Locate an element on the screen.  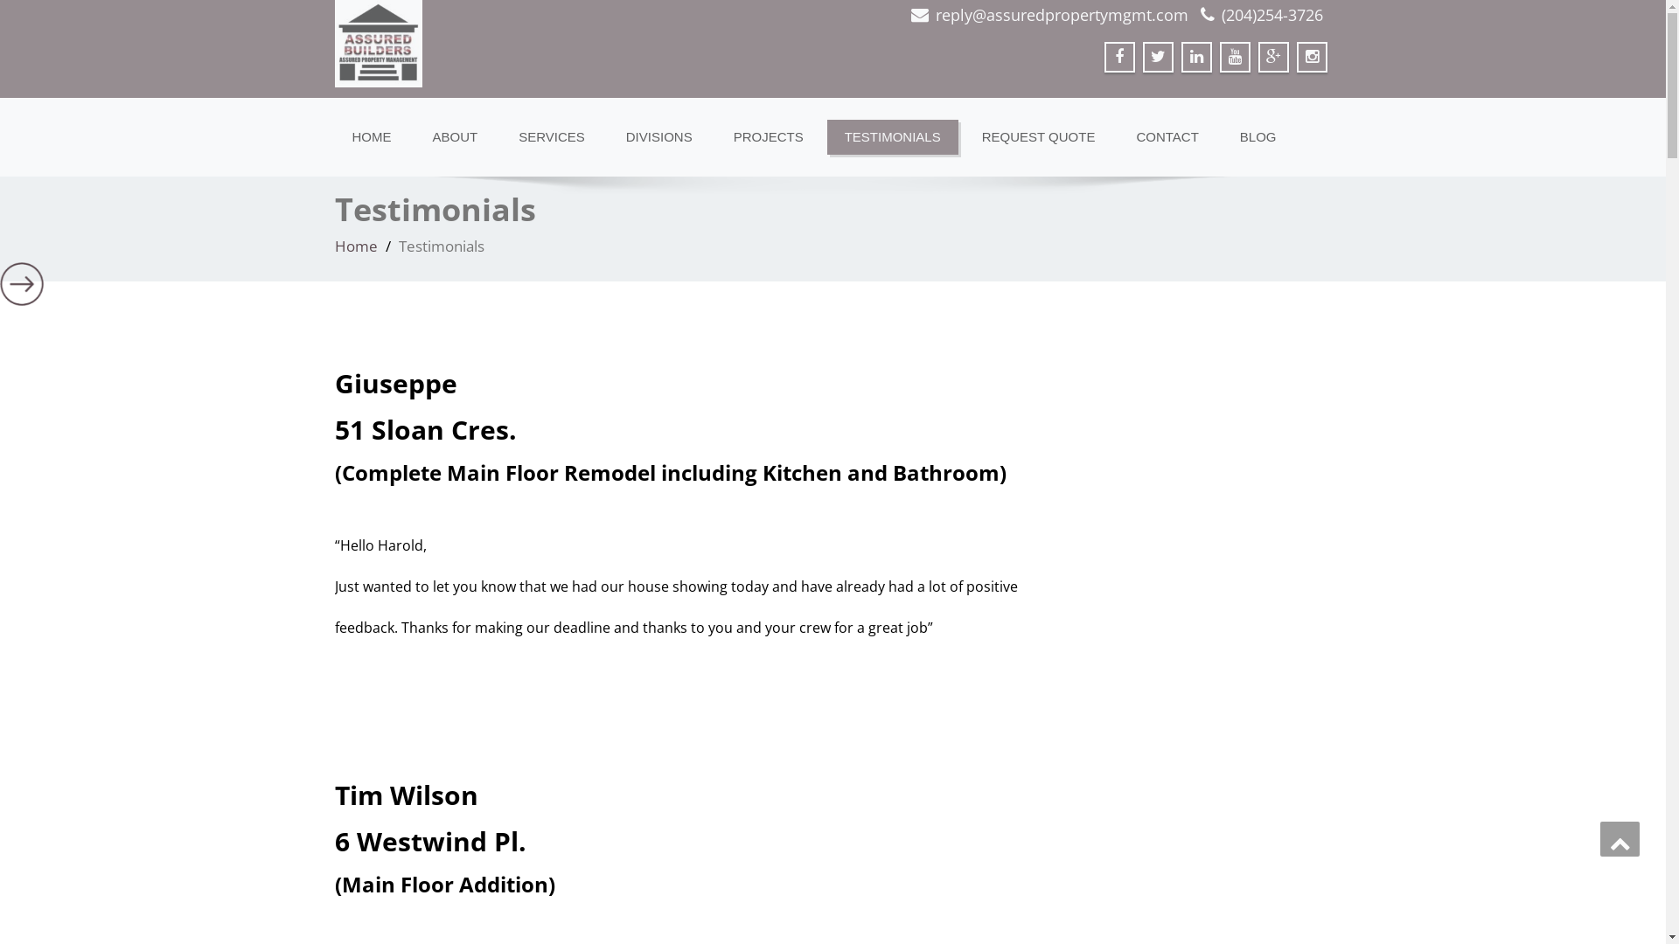
'HOME' is located at coordinates (370, 136).